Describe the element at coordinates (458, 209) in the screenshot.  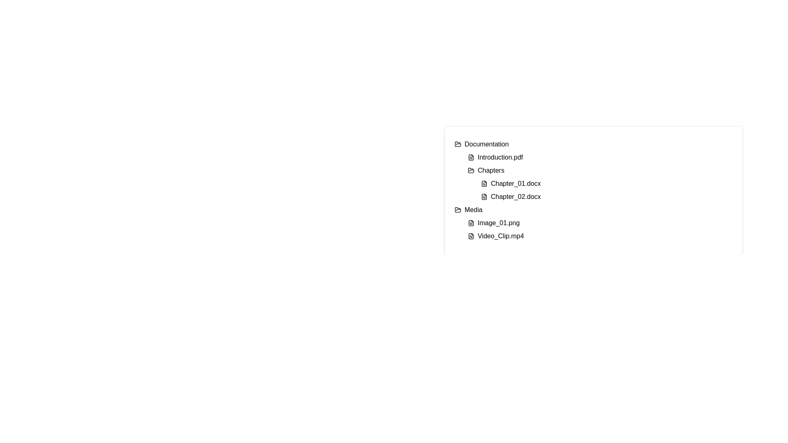
I see `the folder icon representing 'Media' in the file navigation pane to visually indicate its state as open` at that location.